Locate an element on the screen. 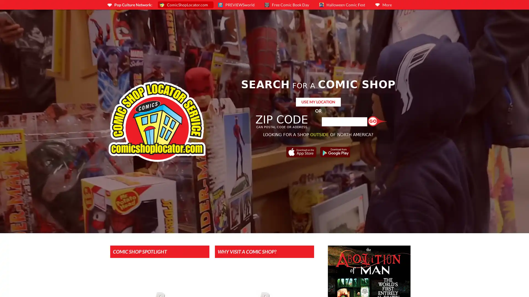 This screenshot has width=529, height=297. Find a Shop! is located at coordinates (377, 121).